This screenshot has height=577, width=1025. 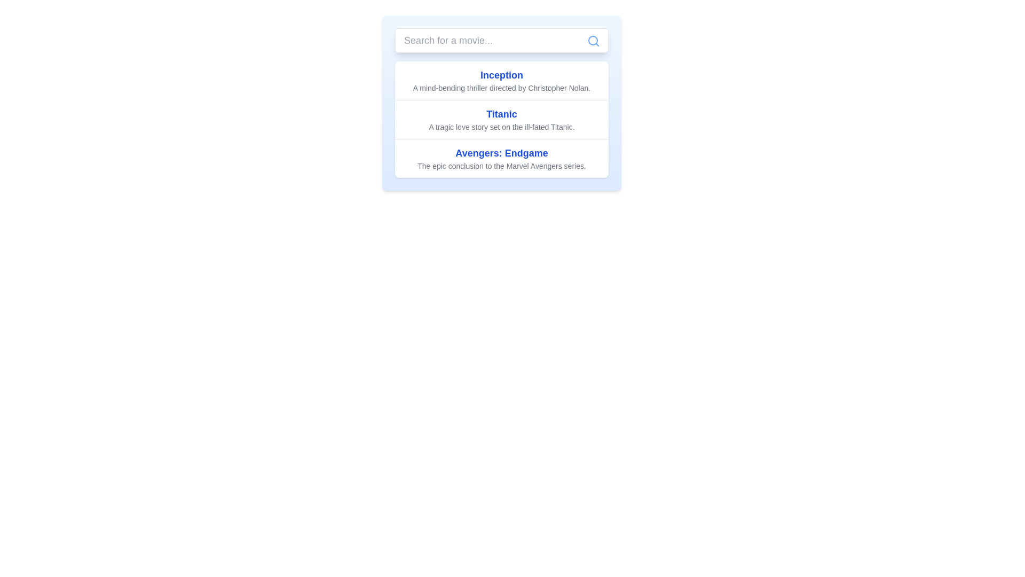 I want to click on the second movie entry, so click(x=501, y=119).